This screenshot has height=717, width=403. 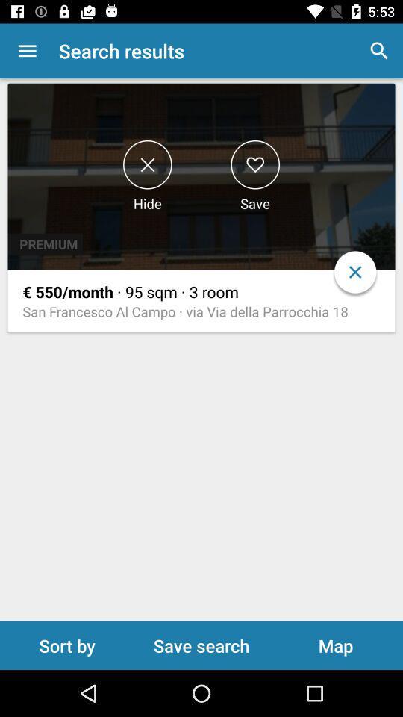 What do you see at coordinates (335, 645) in the screenshot?
I see `icon next to the save search icon` at bounding box center [335, 645].